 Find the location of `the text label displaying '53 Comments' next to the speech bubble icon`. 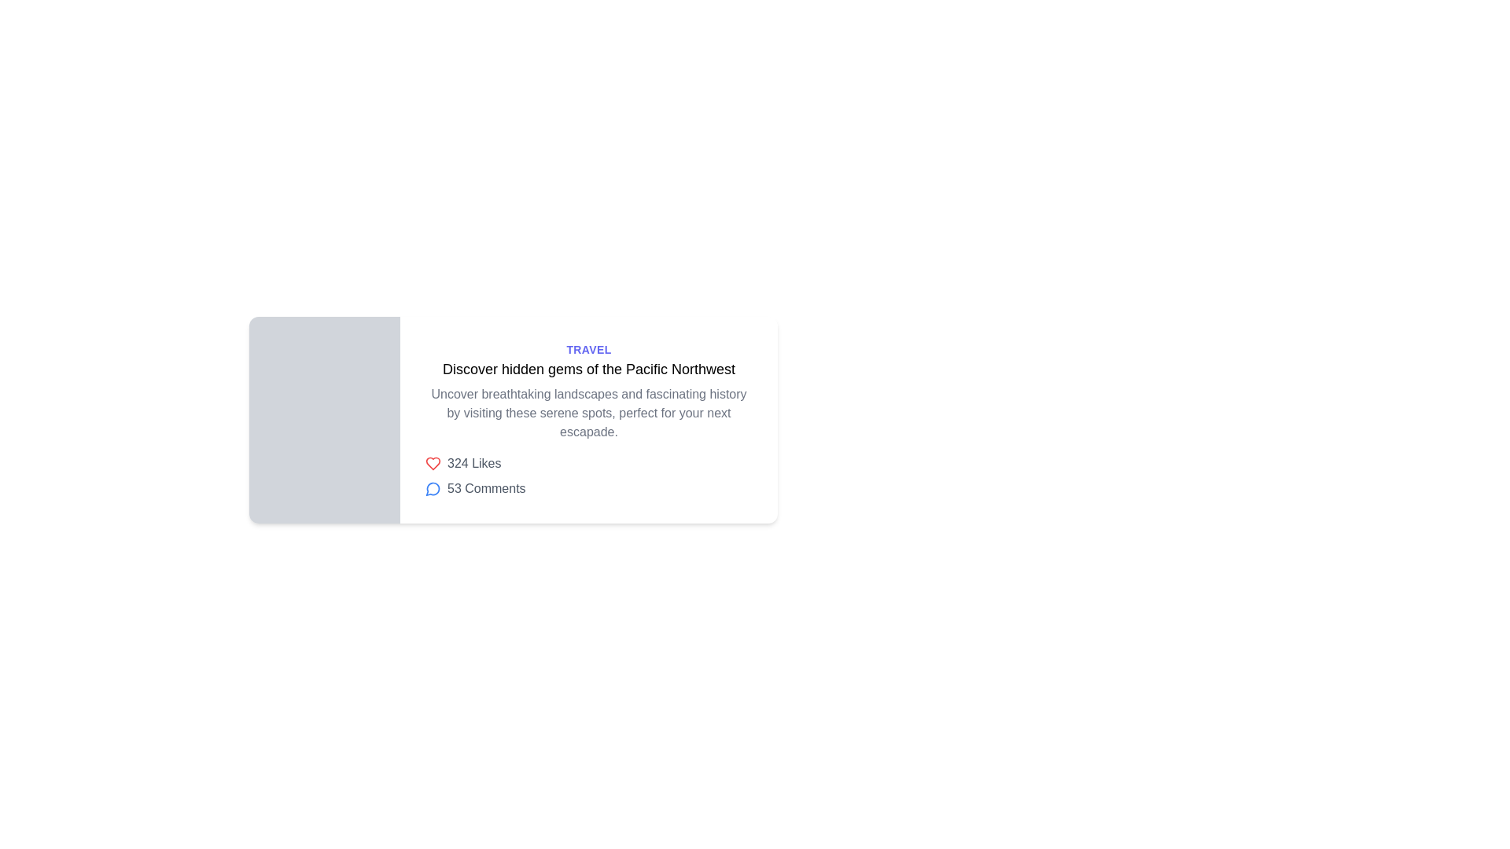

the text label displaying '53 Comments' next to the speech bubble icon is located at coordinates (485, 487).